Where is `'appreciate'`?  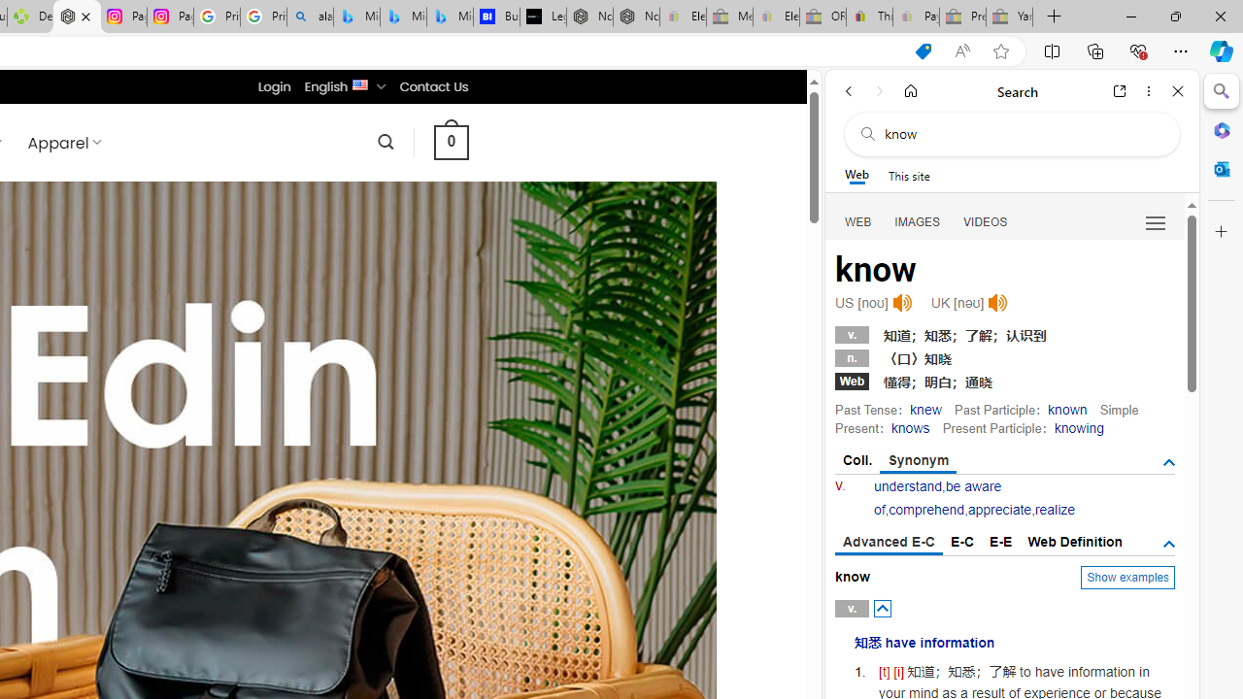
'appreciate' is located at coordinates (999, 509).